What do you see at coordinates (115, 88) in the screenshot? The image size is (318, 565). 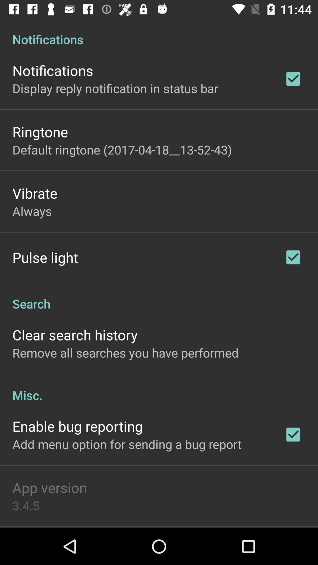 I see `the item above the ringtone` at bounding box center [115, 88].